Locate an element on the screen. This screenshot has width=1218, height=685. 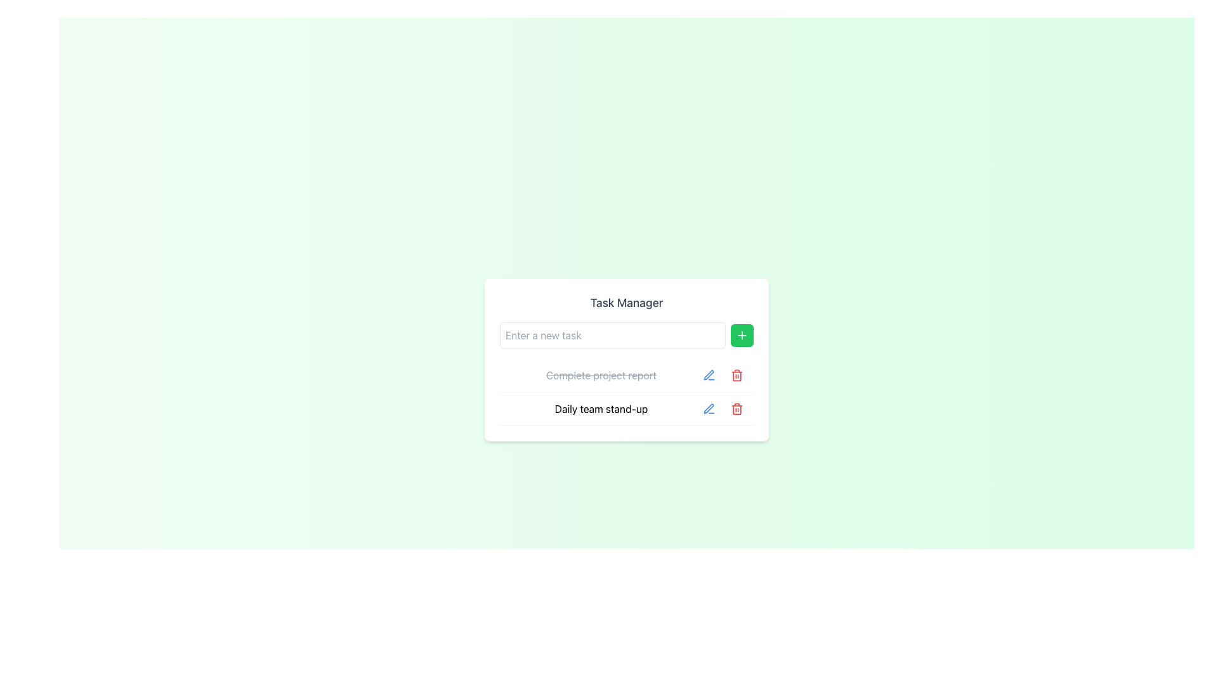
the red trash icon in the horizontal group of action buttons within the 'Daily team stand-up' row is located at coordinates (723, 408).